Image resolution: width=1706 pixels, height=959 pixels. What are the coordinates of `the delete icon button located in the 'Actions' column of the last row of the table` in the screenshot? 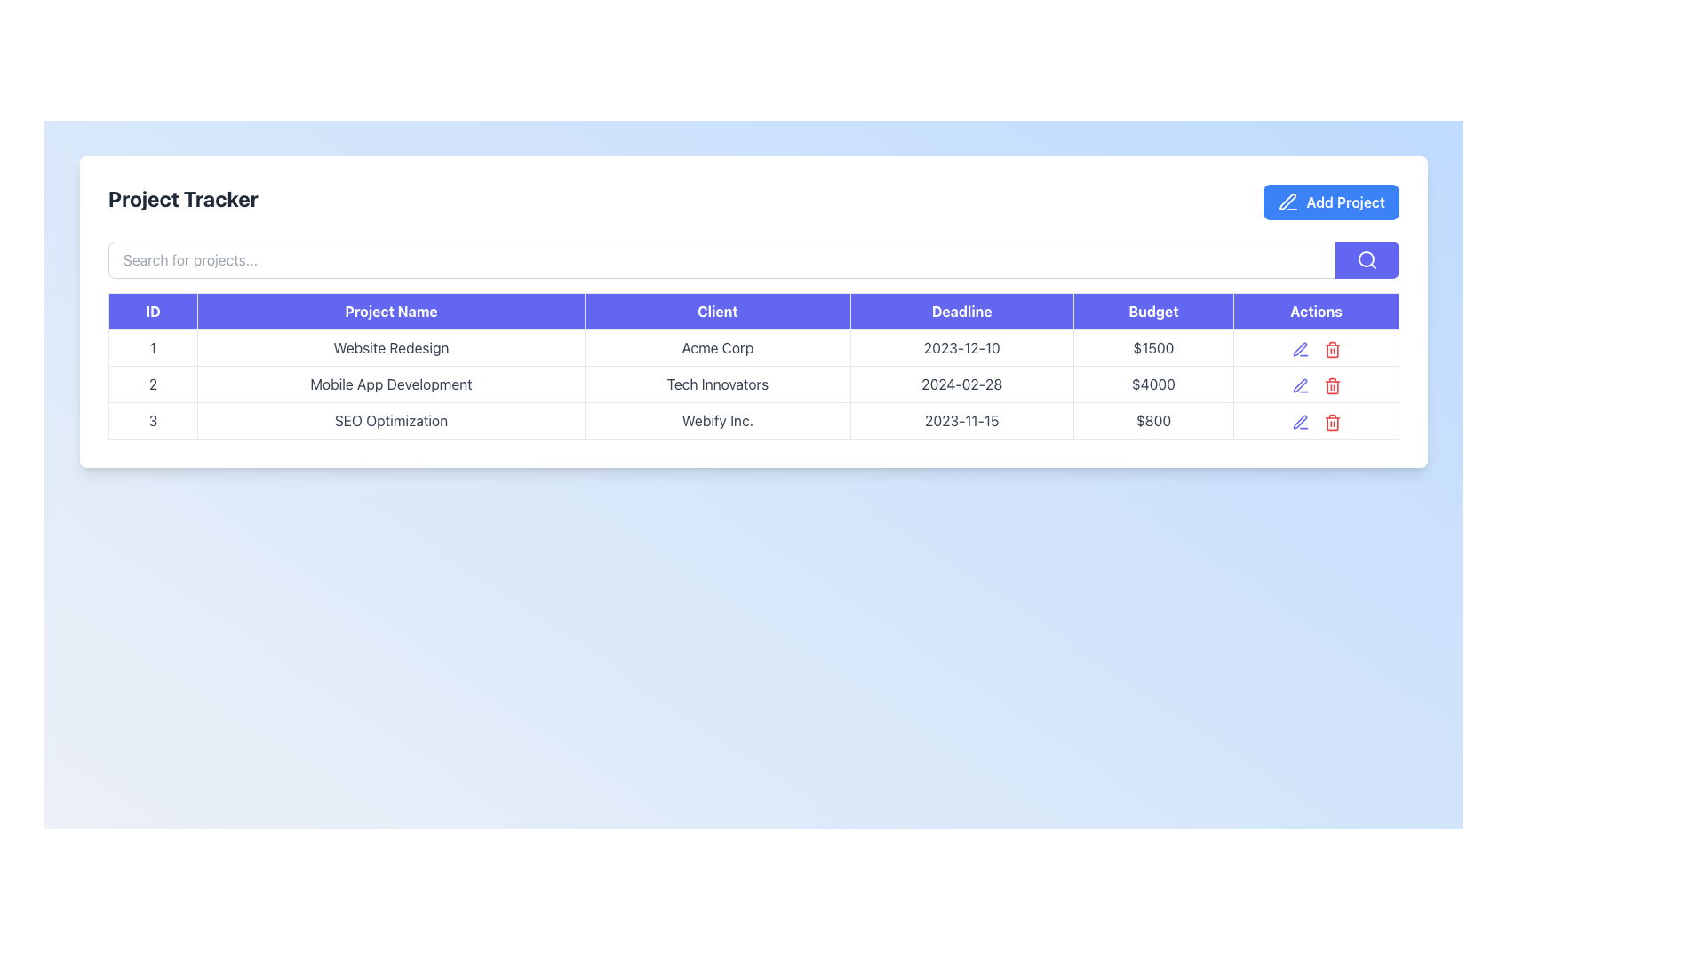 It's located at (1332, 421).